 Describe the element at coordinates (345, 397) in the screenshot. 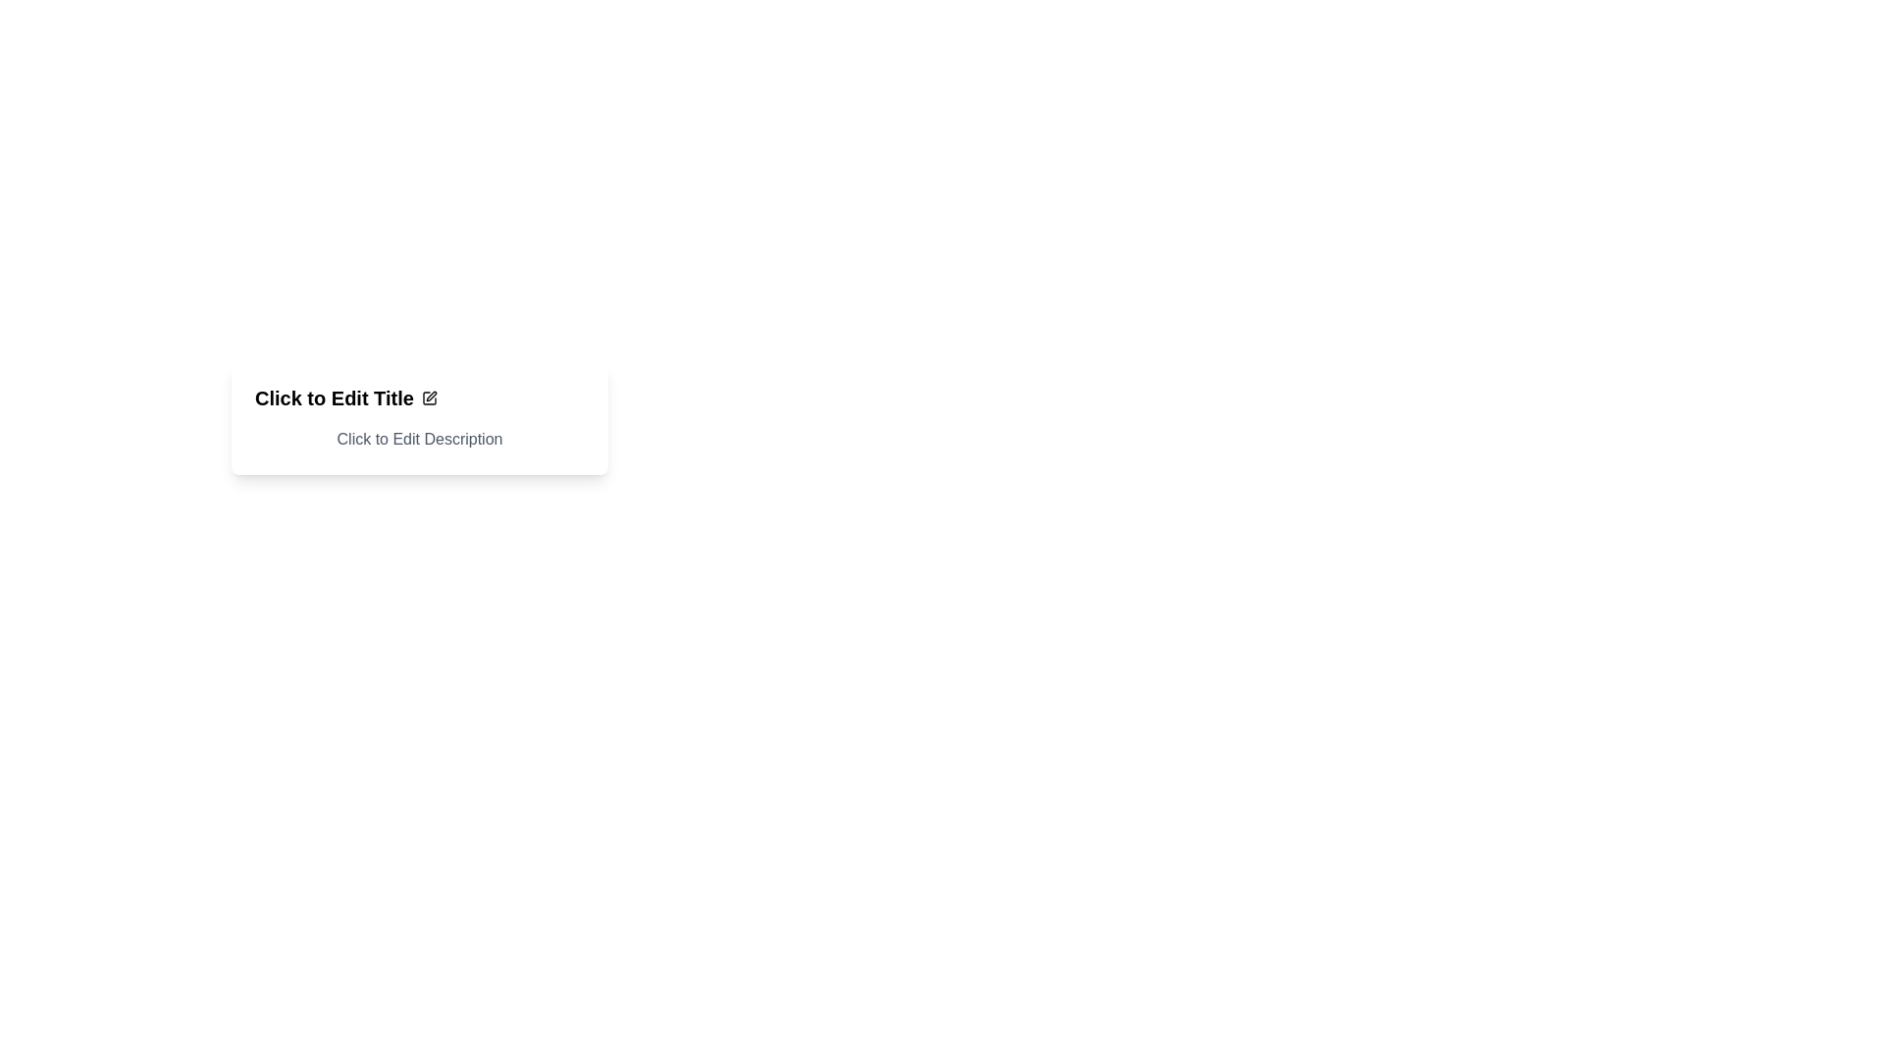

I see `on the 'Click` at that location.